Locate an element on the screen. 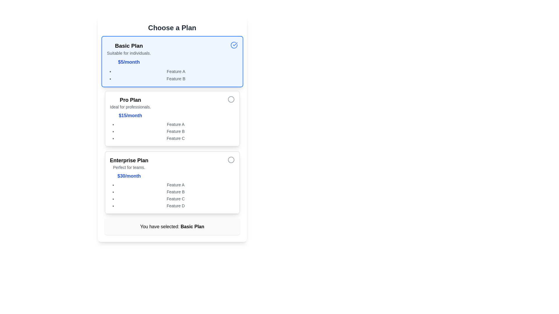 Image resolution: width=559 pixels, height=314 pixels. the text label labeled 'Feature A' which is styled in gray and located under the 'Enterprise Plan' section, positioned above 'Feature B', 'Feature C', and 'Feature D' is located at coordinates (175, 185).